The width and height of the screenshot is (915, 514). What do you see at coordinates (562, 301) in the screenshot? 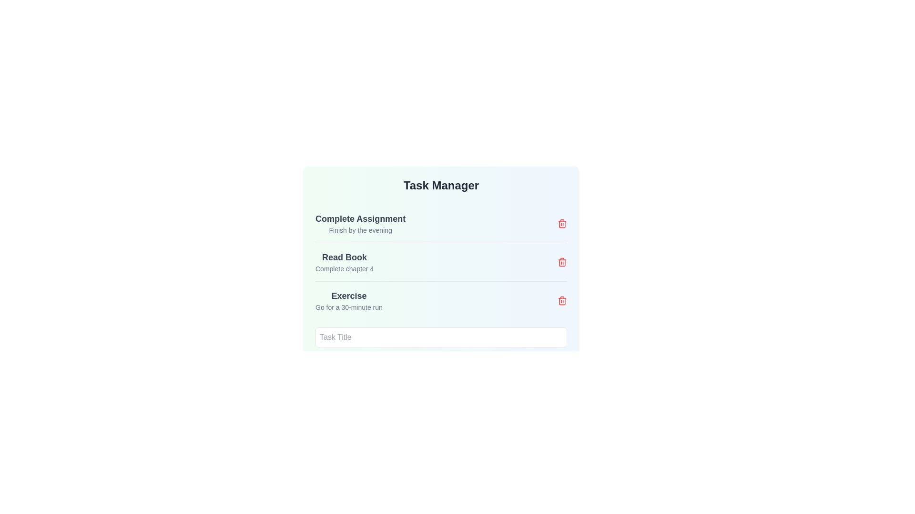
I see `the delete icon located to the far right of the 'Exercise' task row` at bounding box center [562, 301].